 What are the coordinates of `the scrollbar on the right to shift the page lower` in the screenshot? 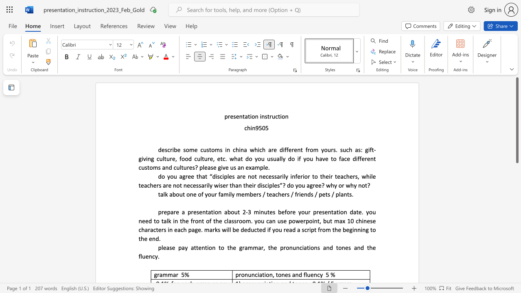 It's located at (517, 170).